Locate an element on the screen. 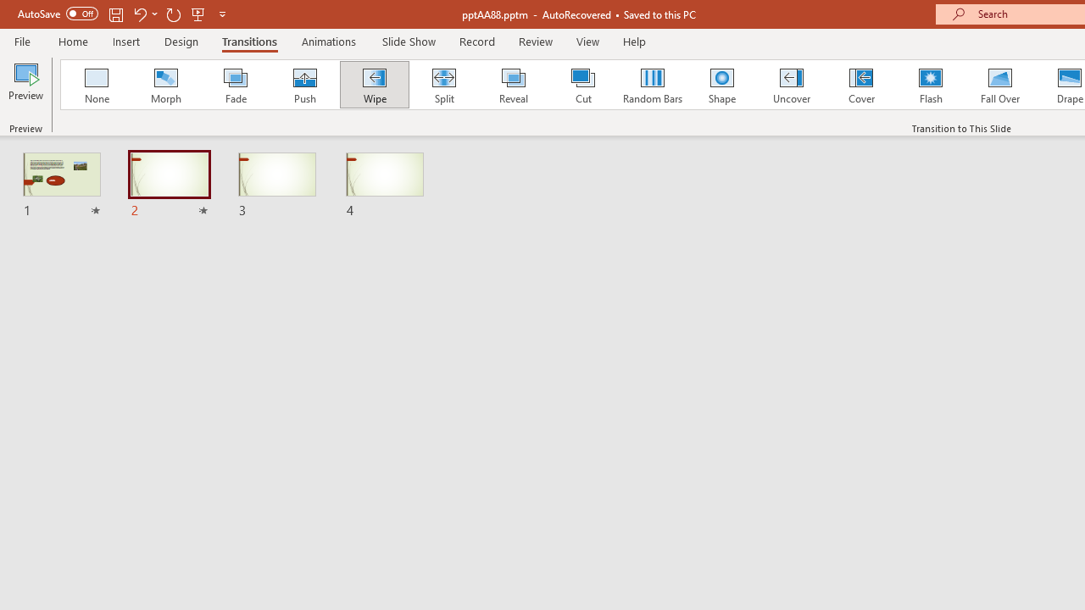 Image resolution: width=1085 pixels, height=610 pixels. 'Flash' is located at coordinates (930, 85).